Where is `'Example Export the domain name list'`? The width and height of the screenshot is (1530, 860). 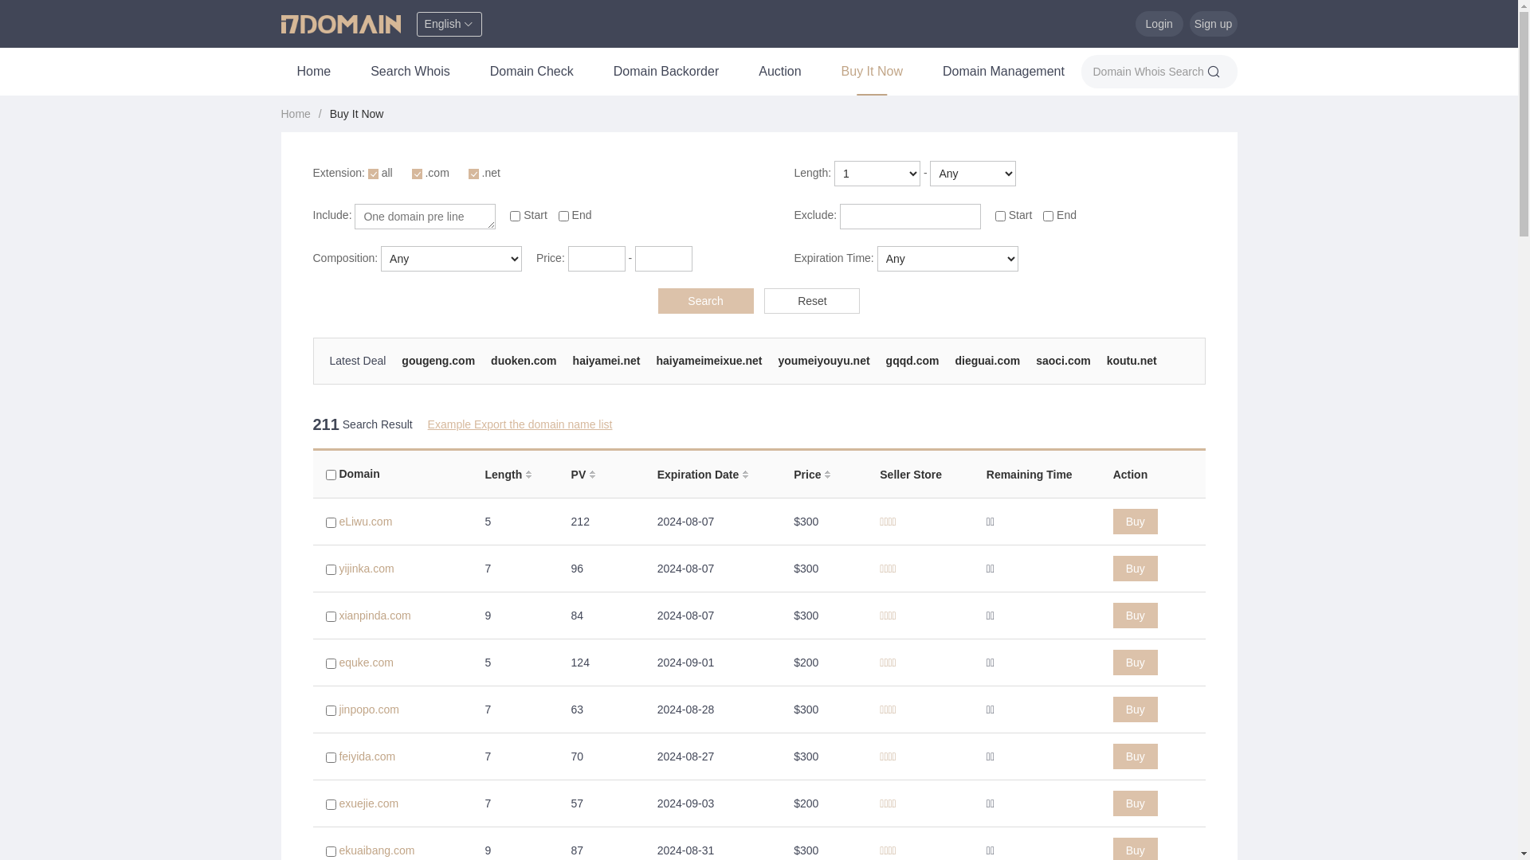
'Example Export the domain name list' is located at coordinates (520, 423).